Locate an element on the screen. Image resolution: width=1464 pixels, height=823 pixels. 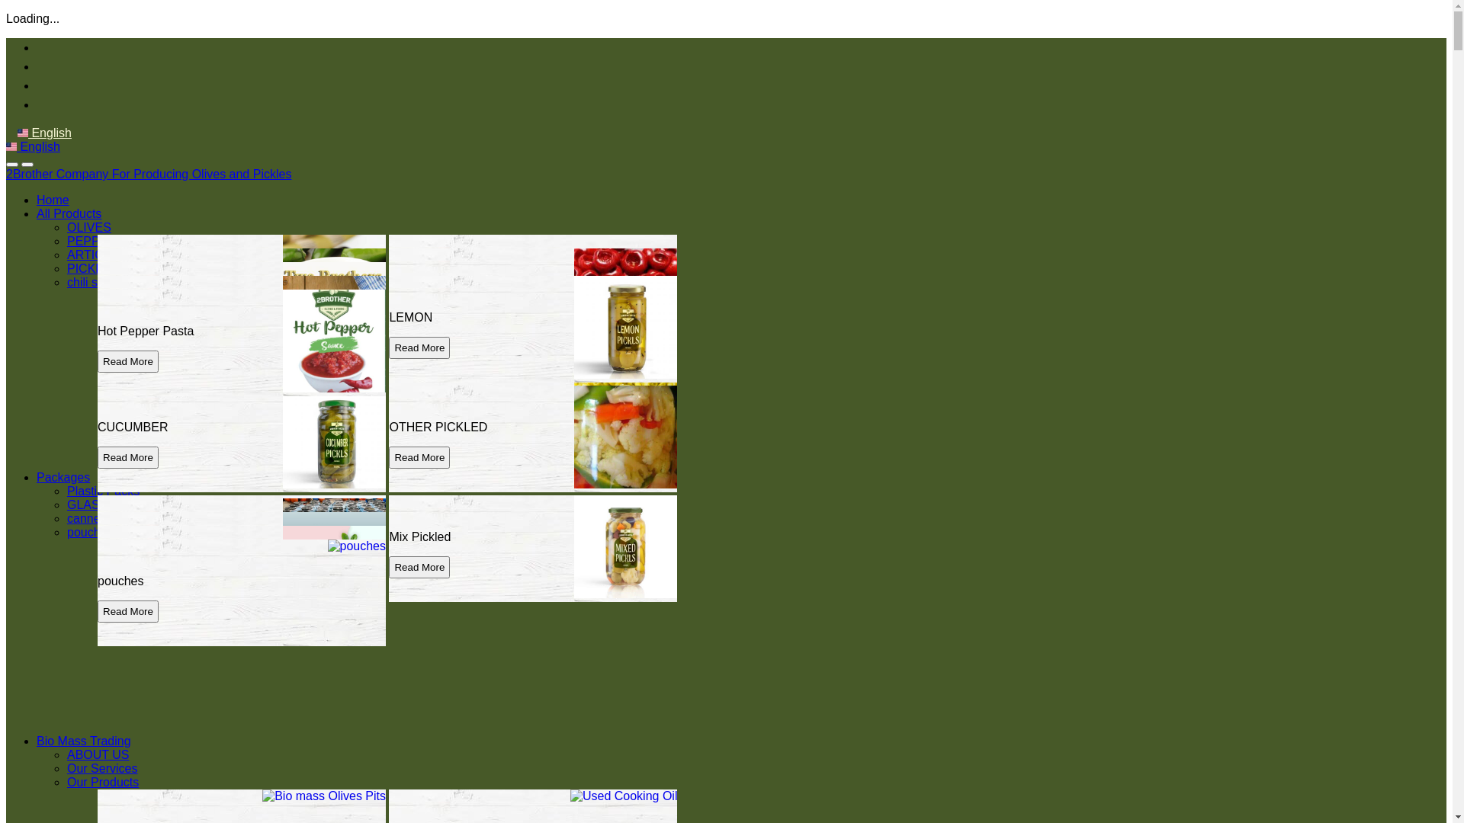
'Read More' is located at coordinates (128, 610).